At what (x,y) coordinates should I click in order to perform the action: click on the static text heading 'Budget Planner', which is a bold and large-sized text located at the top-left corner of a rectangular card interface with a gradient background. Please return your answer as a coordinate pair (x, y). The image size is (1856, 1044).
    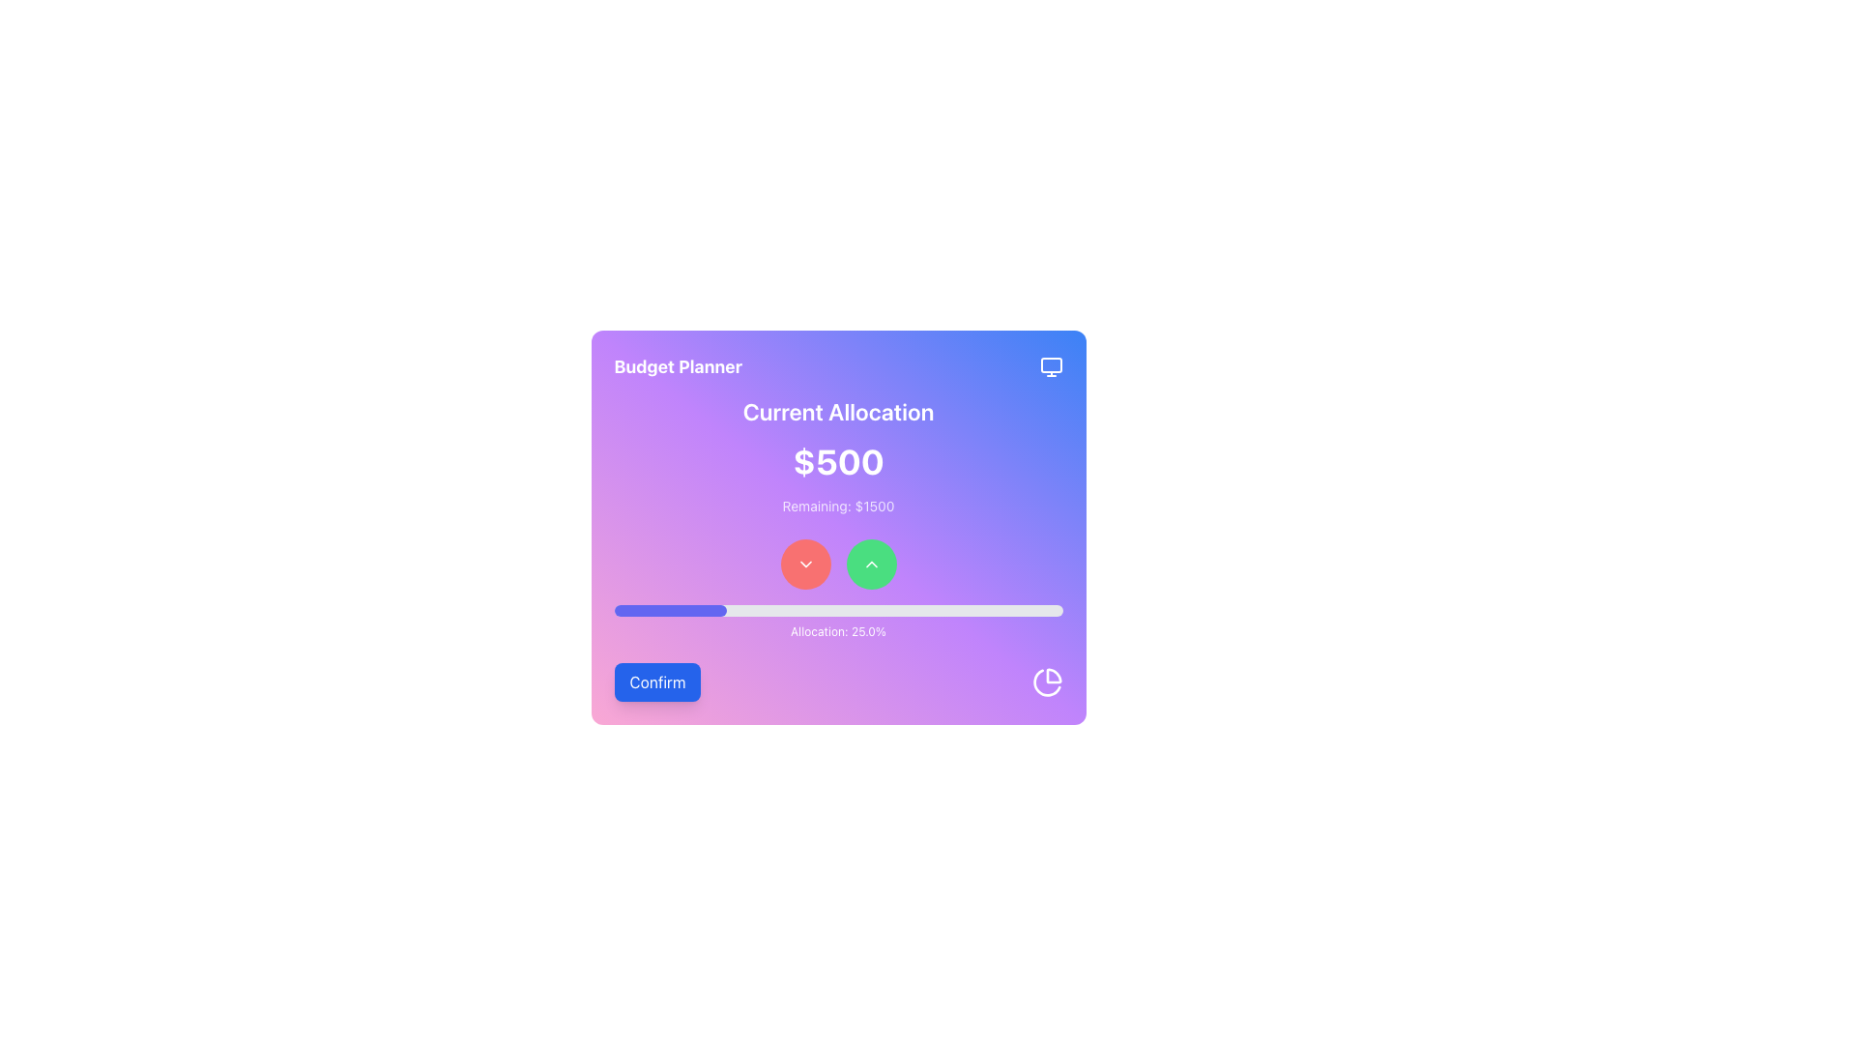
    Looking at the image, I should click on (678, 367).